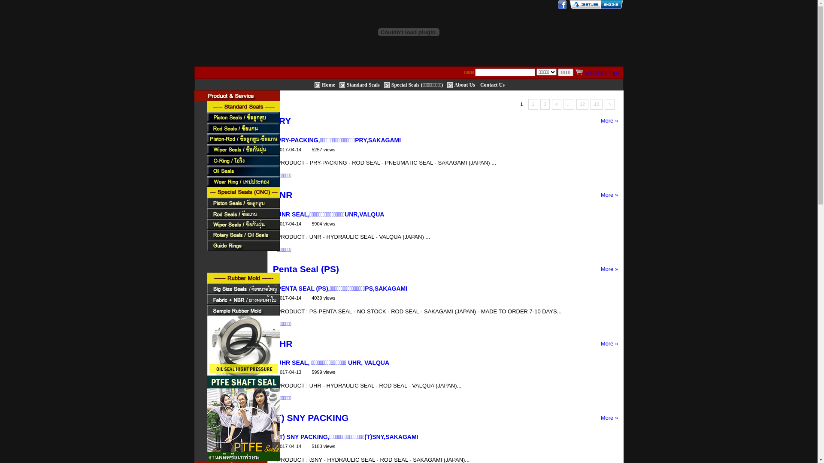 The height and width of the screenshot is (463, 824). I want to click on '2', so click(533, 104).